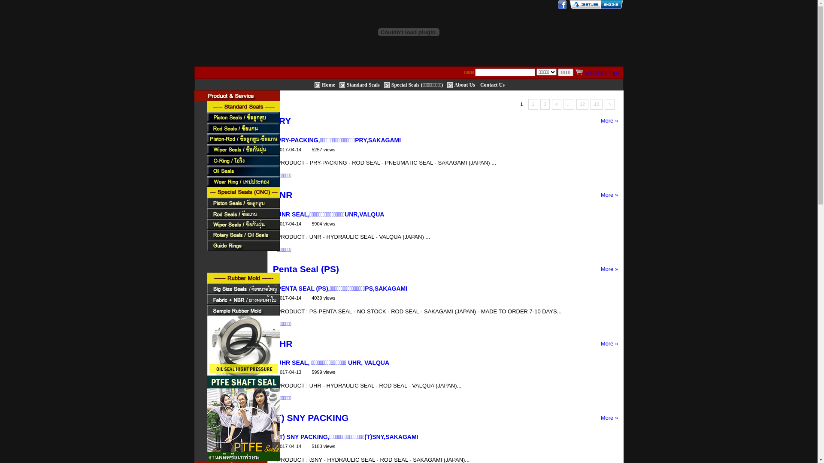 The height and width of the screenshot is (463, 824). I want to click on '2', so click(533, 104).